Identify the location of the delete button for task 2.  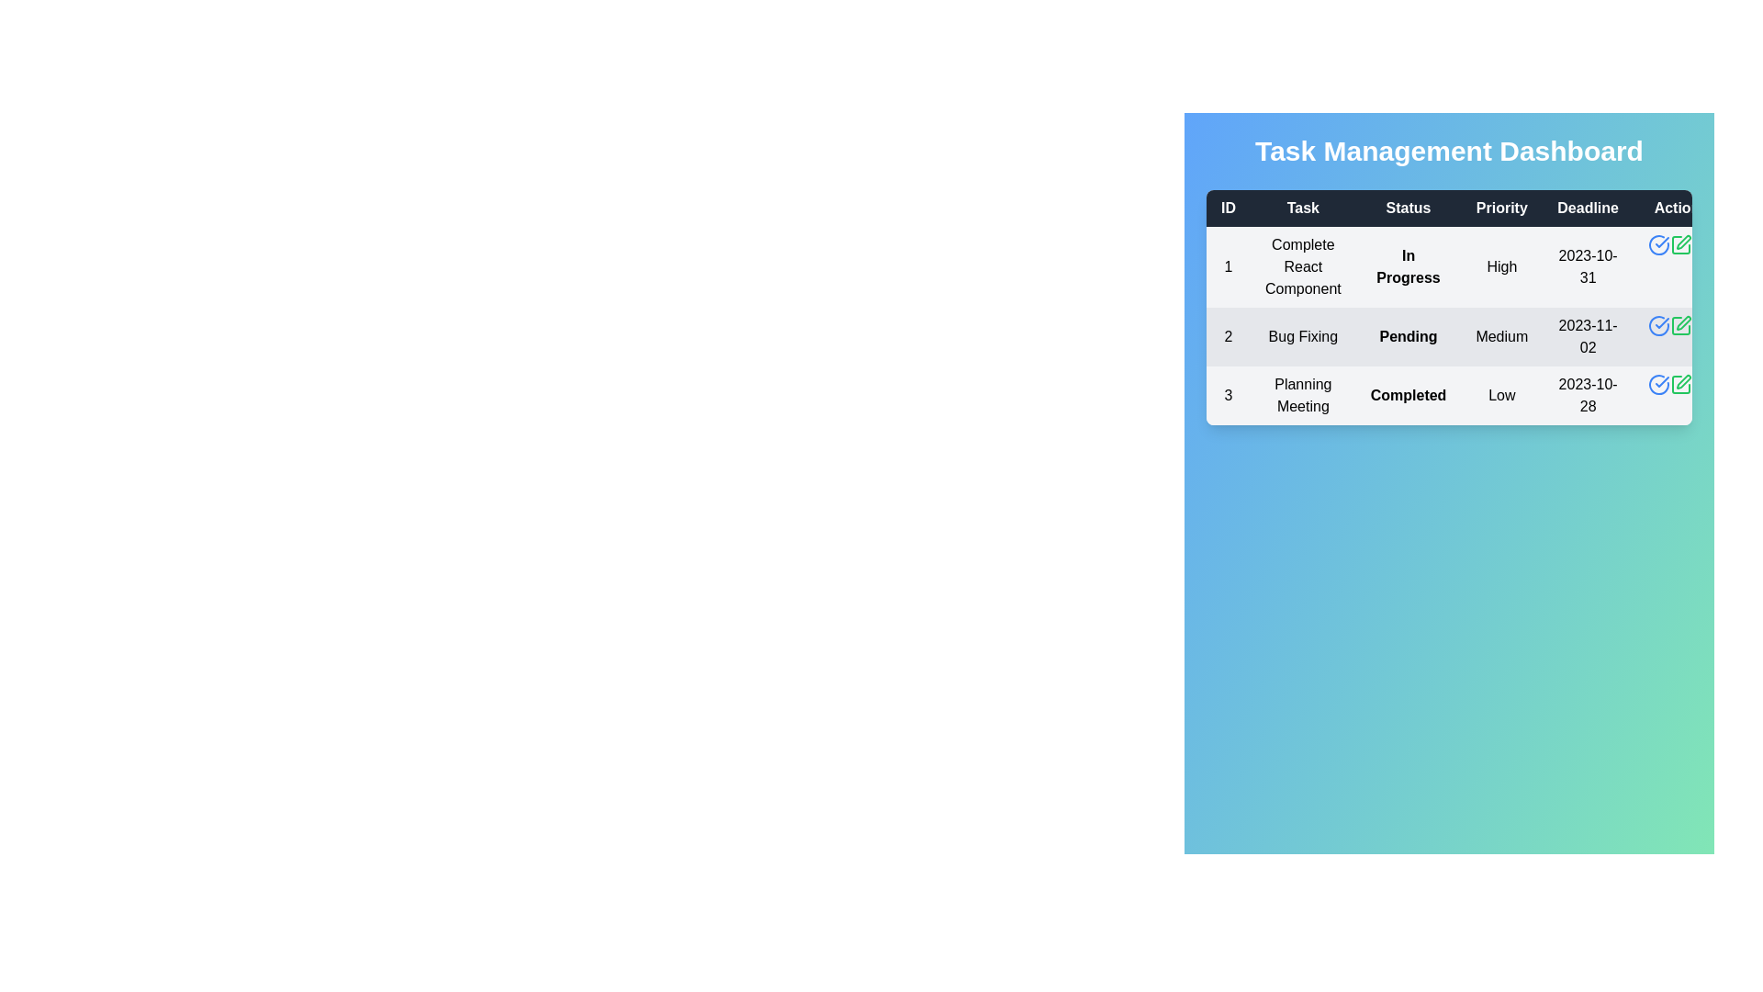
(1701, 324).